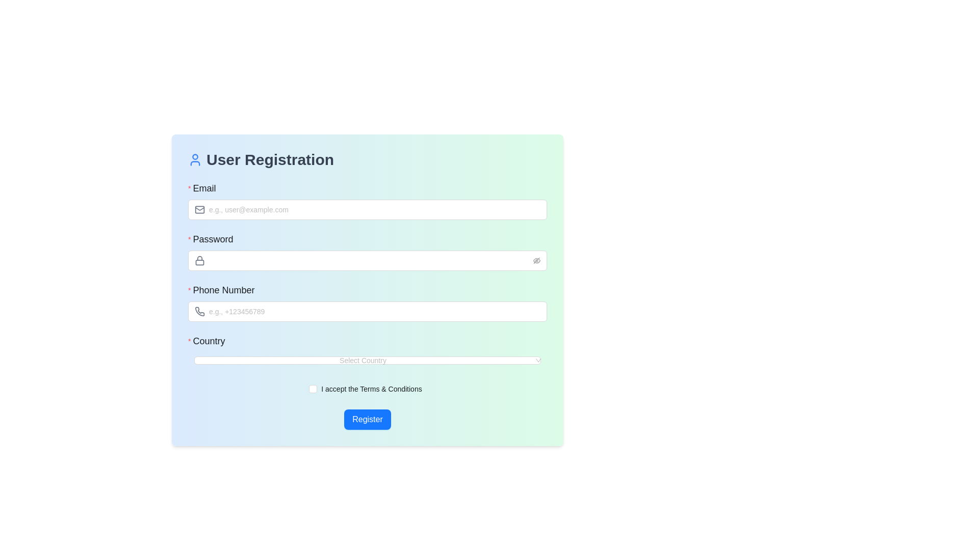 The width and height of the screenshot is (979, 550). Describe the element at coordinates (200, 311) in the screenshot. I see `the minimalist gray phone receiver icon located beside the 'Phone Number' input field in the registration form interface` at that location.